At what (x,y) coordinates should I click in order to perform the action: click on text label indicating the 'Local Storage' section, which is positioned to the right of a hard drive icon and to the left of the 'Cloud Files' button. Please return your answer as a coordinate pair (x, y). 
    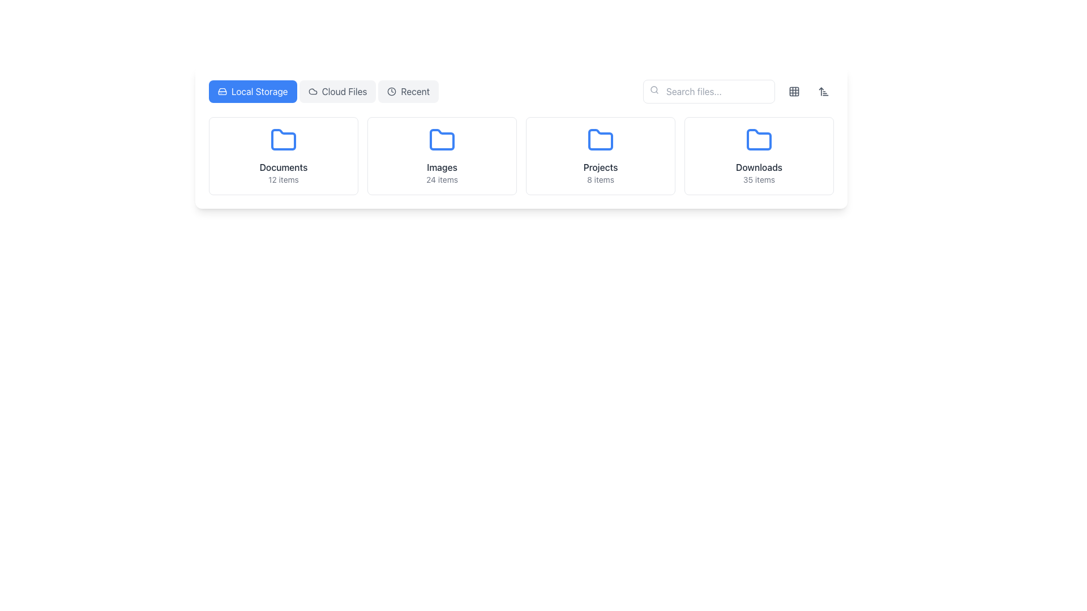
    Looking at the image, I should click on (259, 91).